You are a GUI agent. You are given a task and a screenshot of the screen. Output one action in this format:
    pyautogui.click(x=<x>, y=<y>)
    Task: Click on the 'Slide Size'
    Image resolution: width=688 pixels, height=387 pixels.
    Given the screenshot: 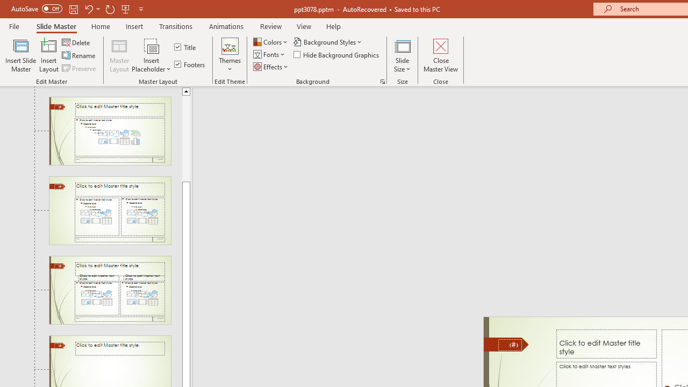 What is the action you would take?
    pyautogui.click(x=402, y=55)
    